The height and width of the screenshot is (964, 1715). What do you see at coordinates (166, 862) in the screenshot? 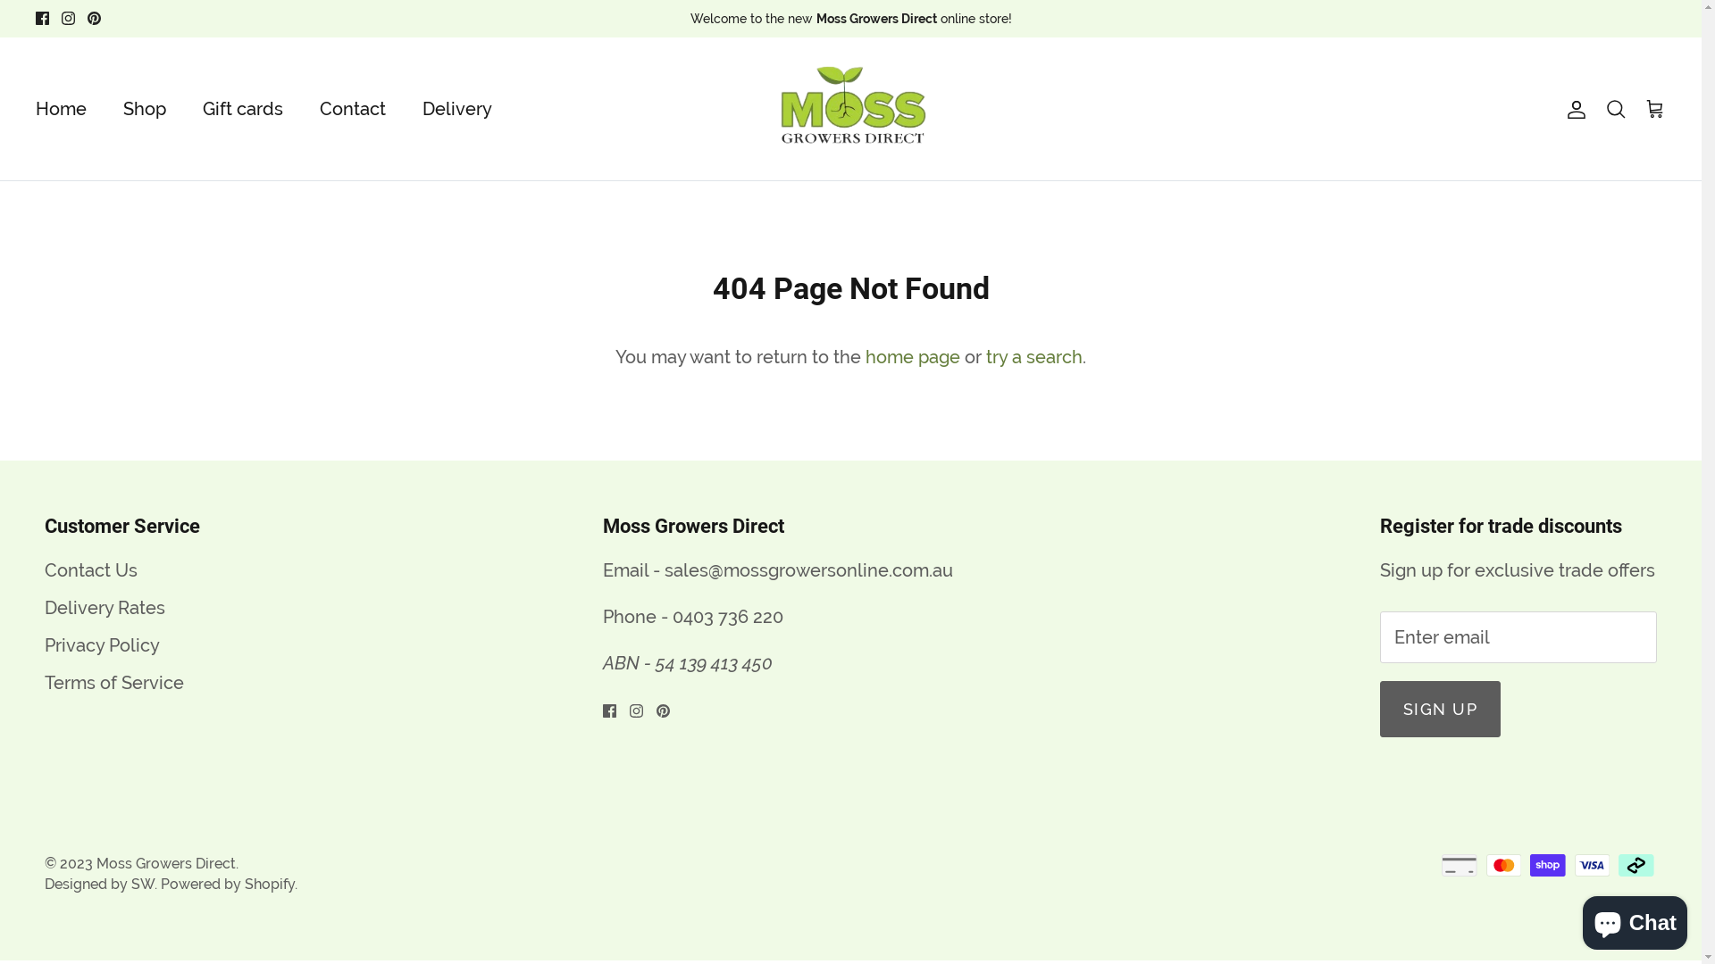
I see `'Moss Growers Direct'` at bounding box center [166, 862].